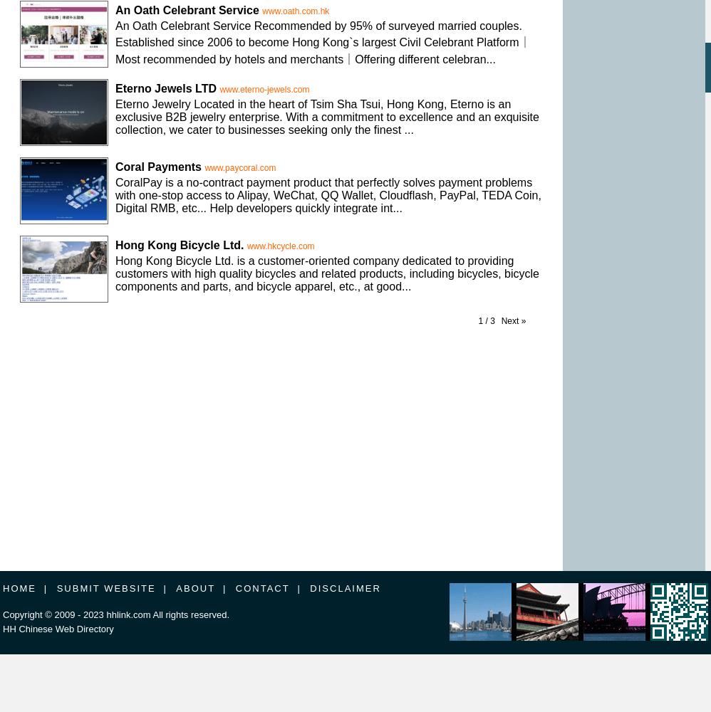 Image resolution: width=711 pixels, height=712 pixels. Describe the element at coordinates (240, 167) in the screenshot. I see `'www.paycoral.com'` at that location.